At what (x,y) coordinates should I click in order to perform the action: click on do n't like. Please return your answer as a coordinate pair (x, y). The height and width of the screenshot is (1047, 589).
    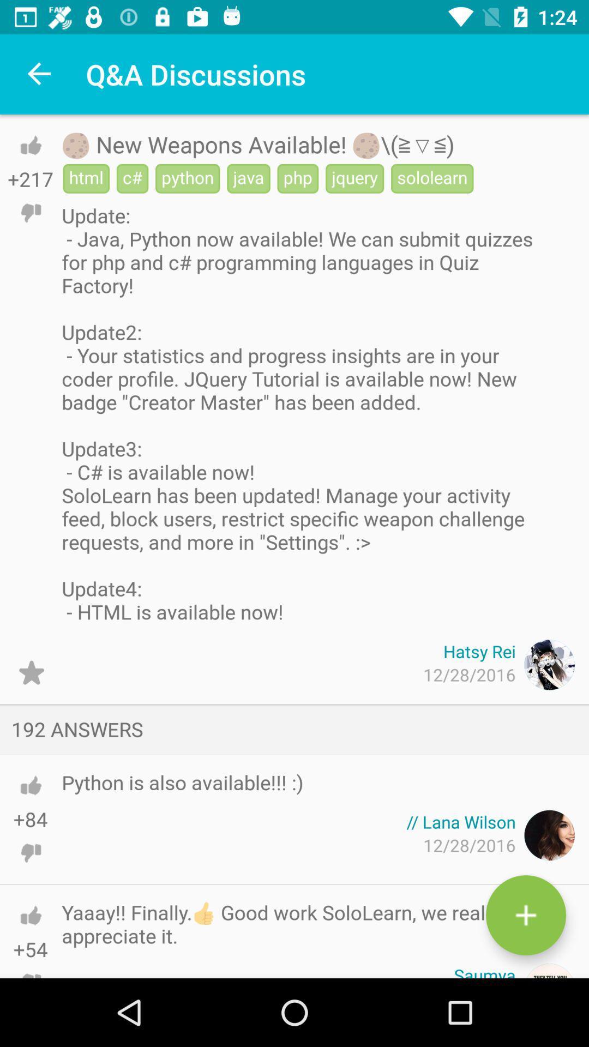
    Looking at the image, I should click on (30, 213).